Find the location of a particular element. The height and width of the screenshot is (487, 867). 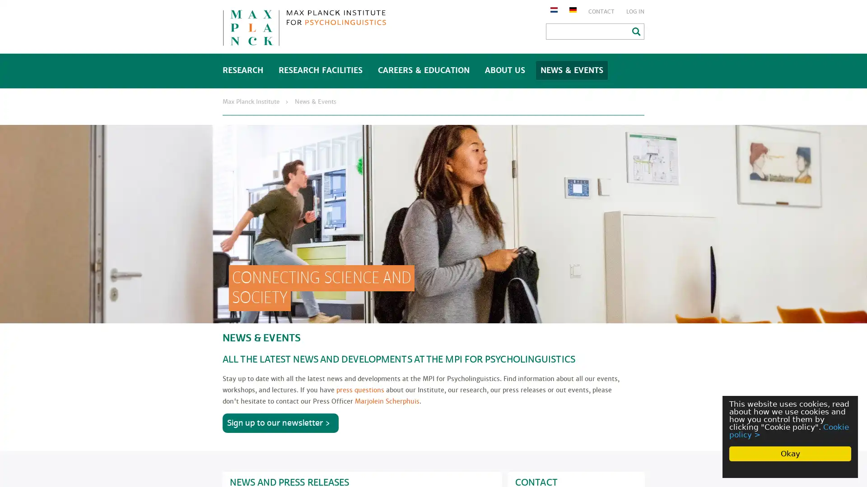

Search is located at coordinates (634, 31).